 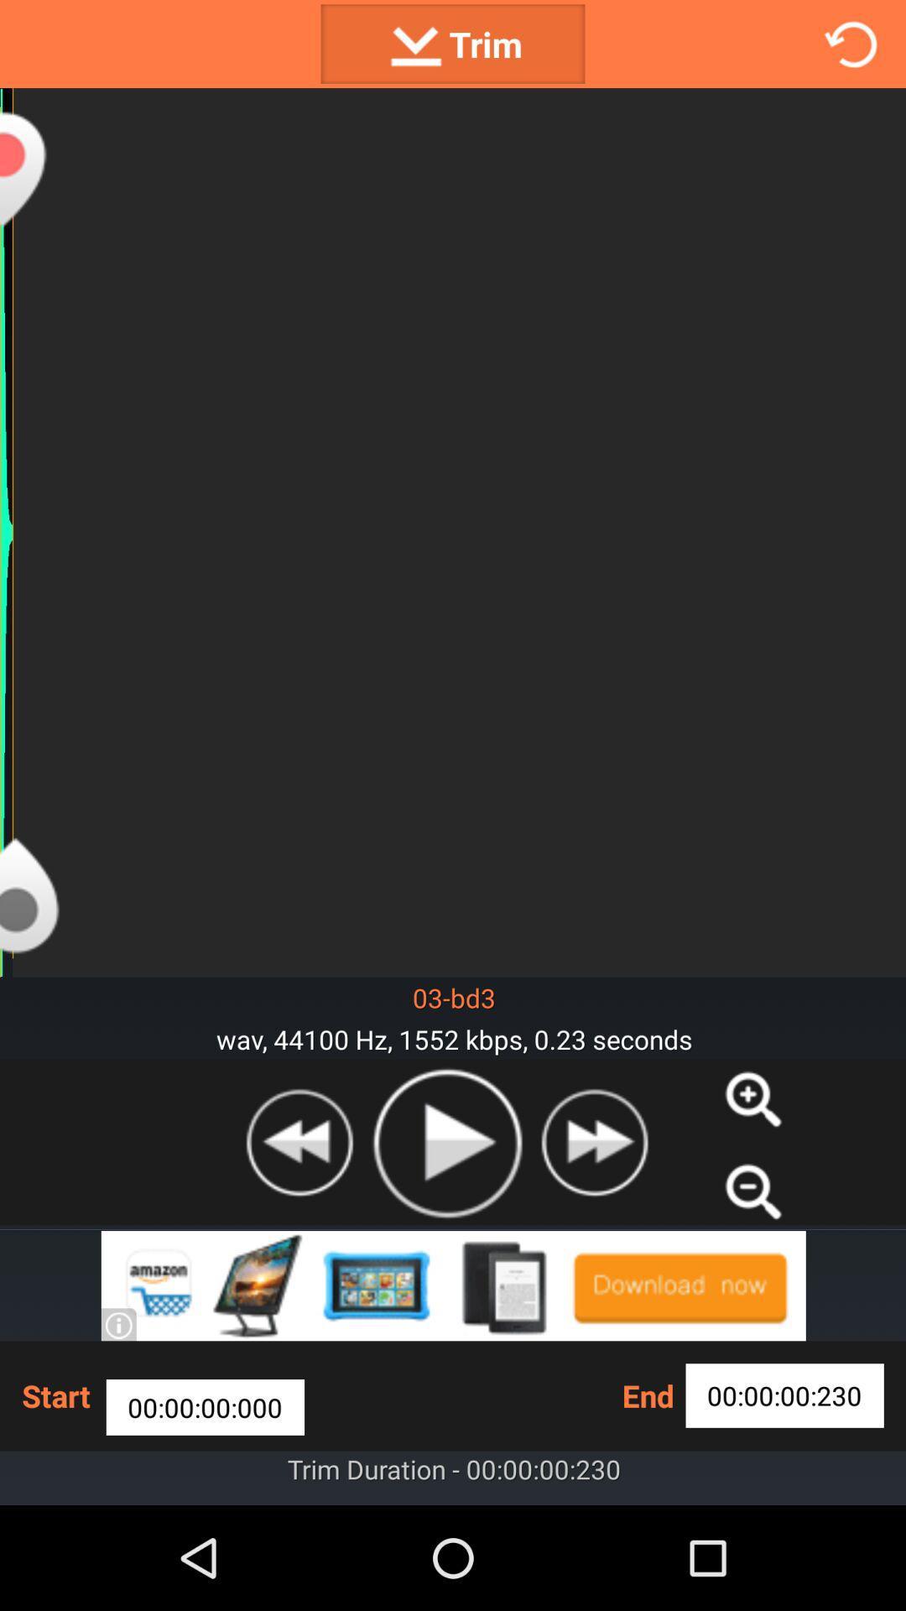 I want to click on the av_forward icon, so click(x=593, y=1222).